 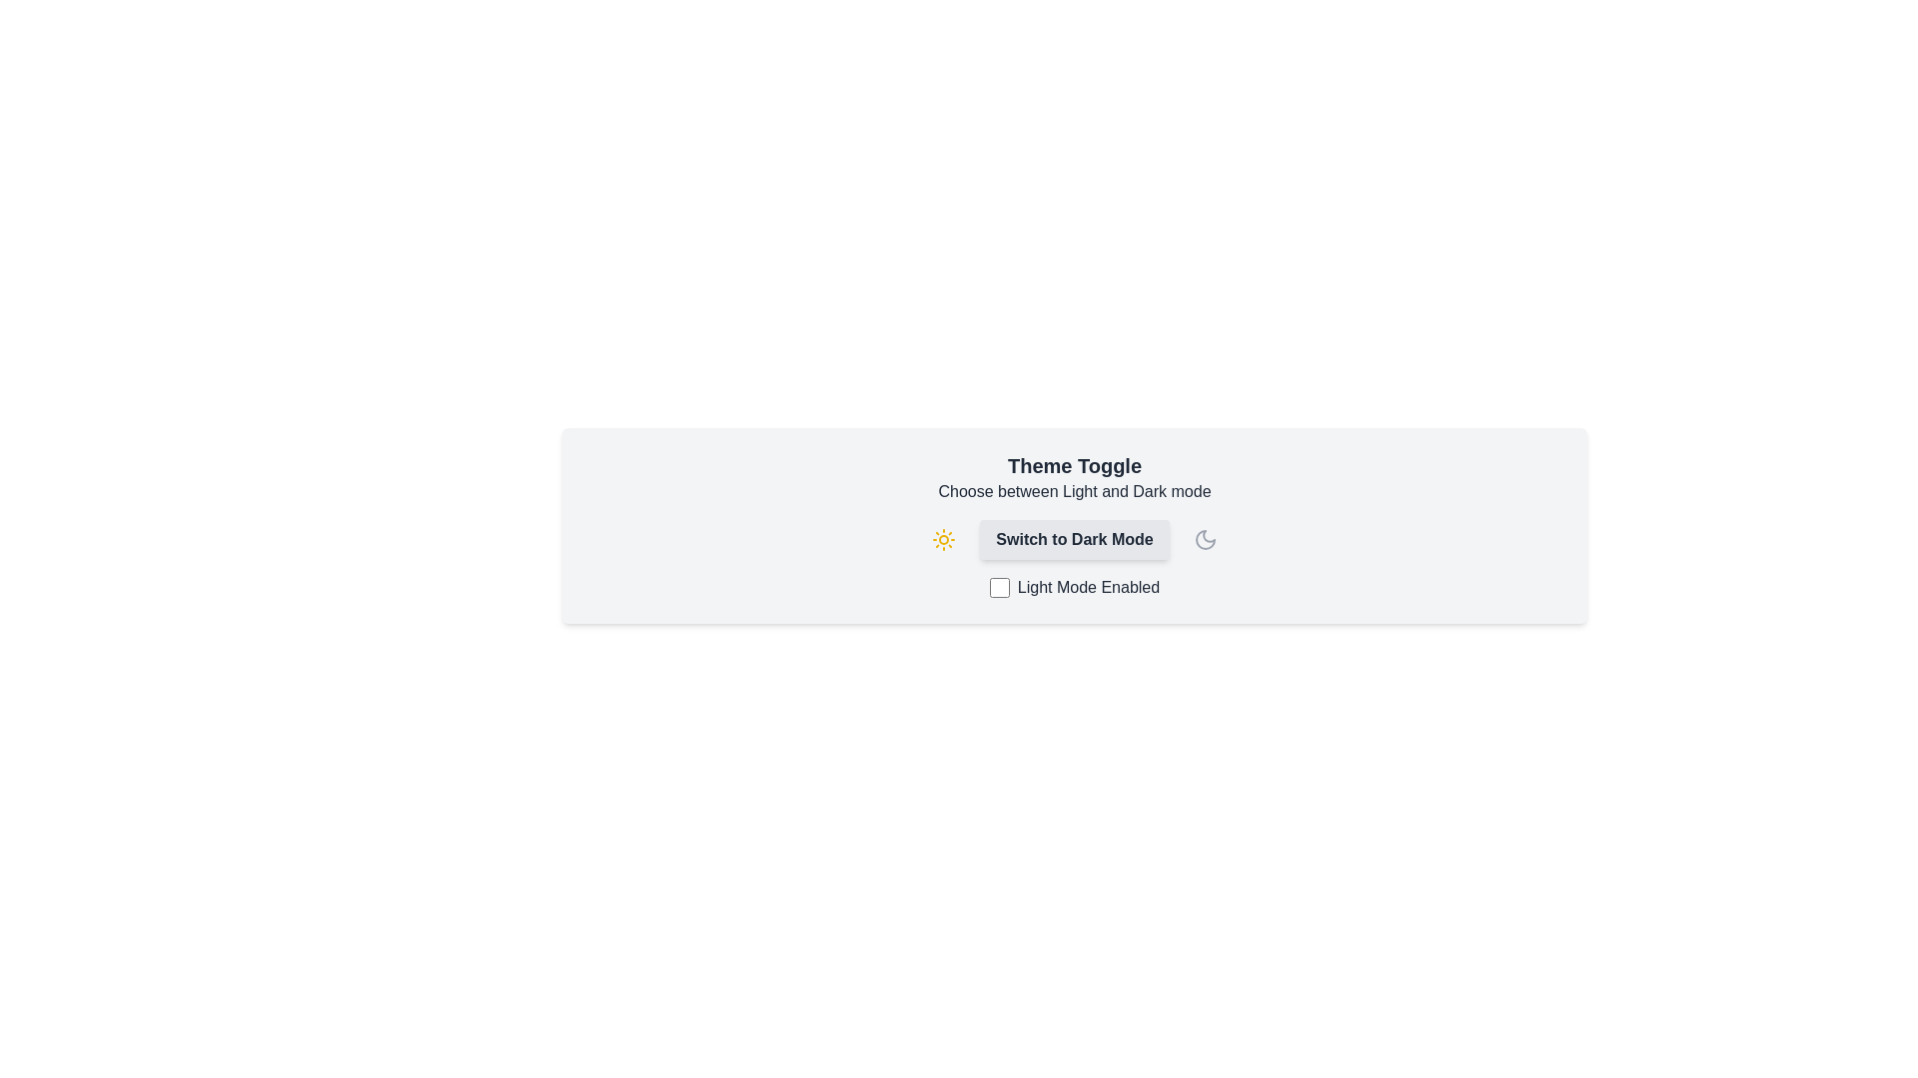 I want to click on checkbox to toggle the theme, so click(x=999, y=587).